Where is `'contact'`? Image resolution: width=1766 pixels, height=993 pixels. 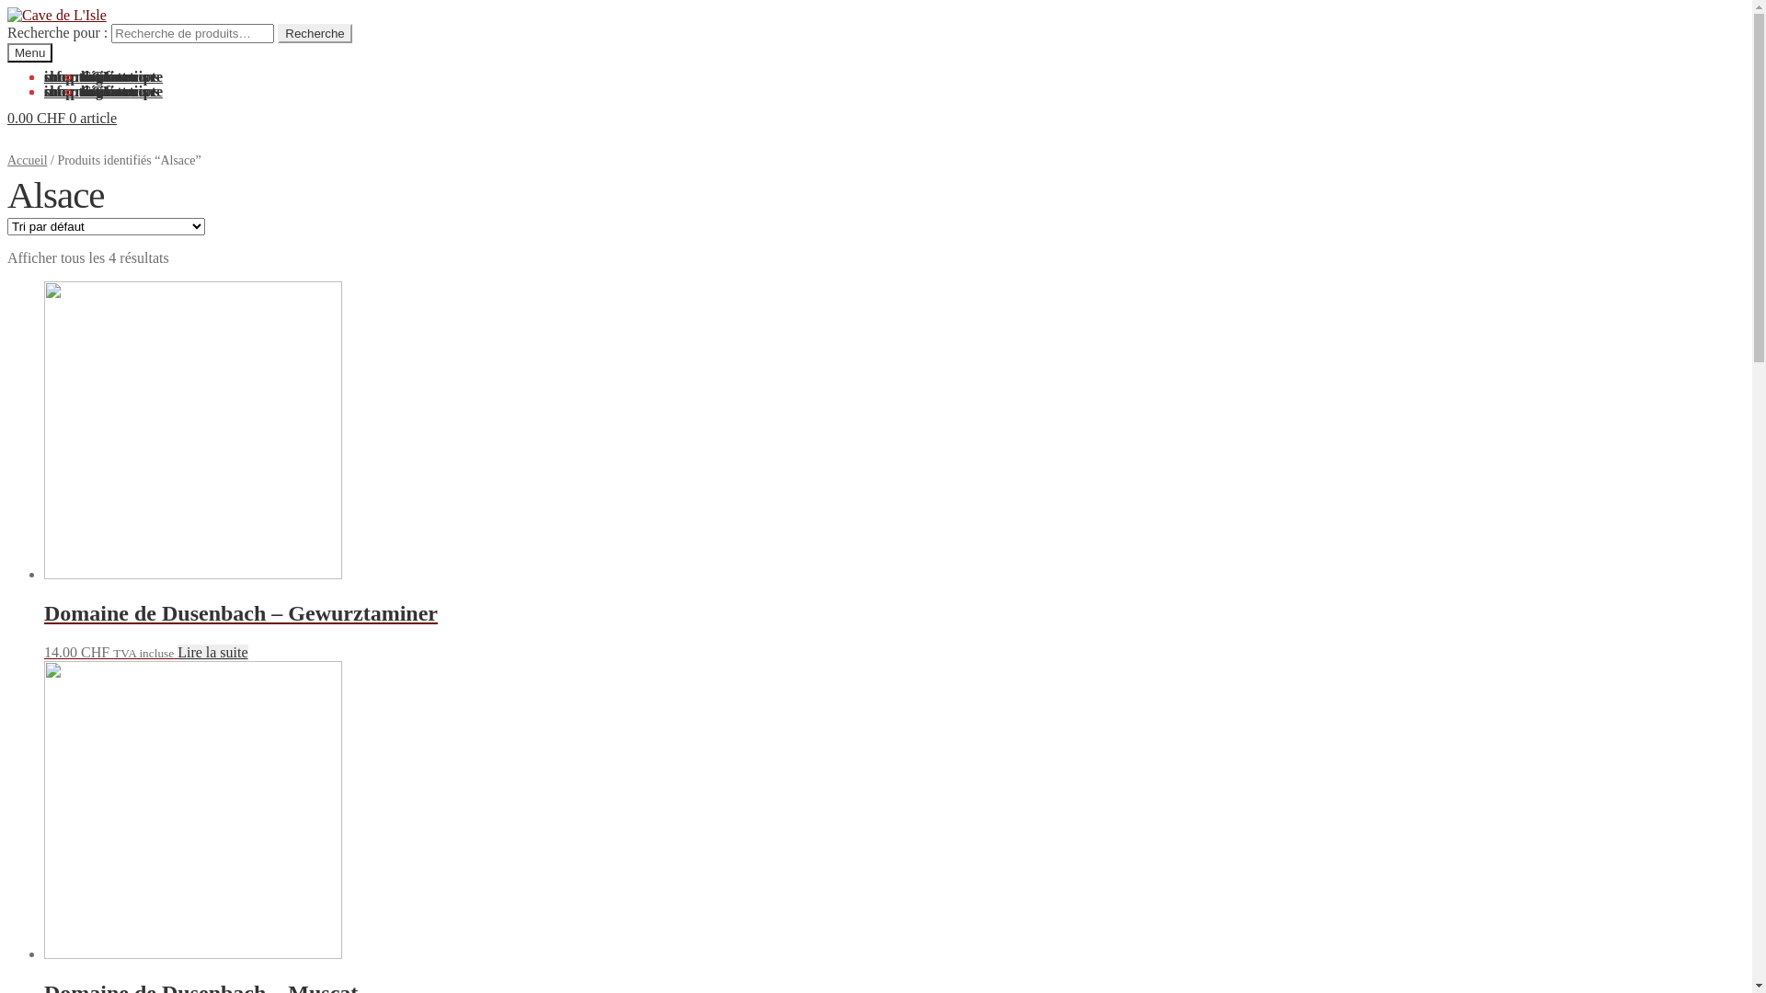 'contact' is located at coordinates (103, 91).